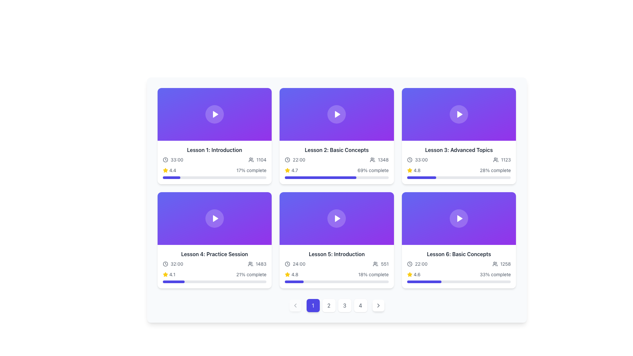 The image size is (633, 356). Describe the element at coordinates (171, 177) in the screenshot. I see `the progress indicator for 'Lesson 1: Introduction', which is a small, horizontally-oriented progress bar located below the rating star and above the text '17% complete'` at that location.